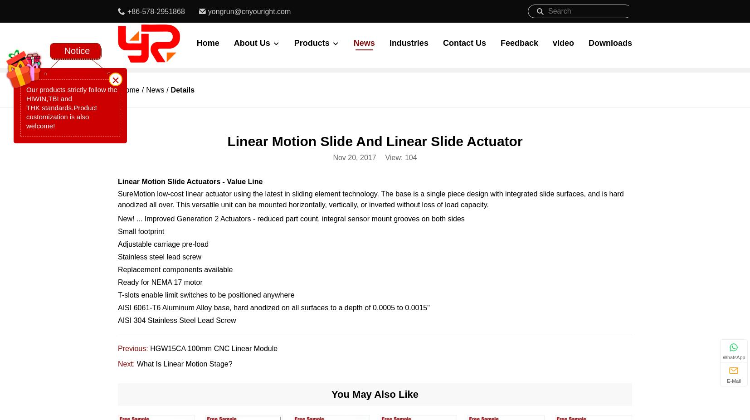  Describe the element at coordinates (117, 199) in the screenshot. I see `'SureMotion low-cost linear actuator using the latest in sliding element technology. The base is a single piece design with integrated slide surfaces, and is hard anodized all over. This versatile unit can be mounted horizontally, vertically, or inverted without loss of load capacity.'` at that location.